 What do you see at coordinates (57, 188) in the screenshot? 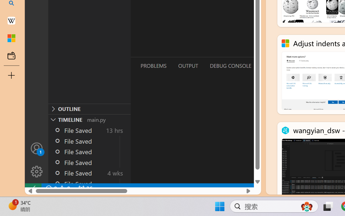
I see `'No Problems'` at bounding box center [57, 188].